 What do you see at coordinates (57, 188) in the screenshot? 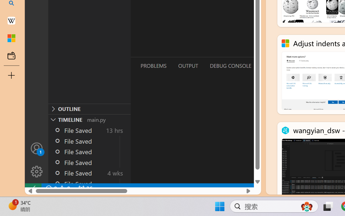
I see `'No Problems'` at bounding box center [57, 188].